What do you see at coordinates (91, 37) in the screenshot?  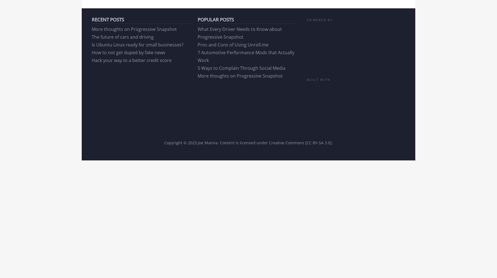 I see `'The future of cars and driving'` at bounding box center [91, 37].